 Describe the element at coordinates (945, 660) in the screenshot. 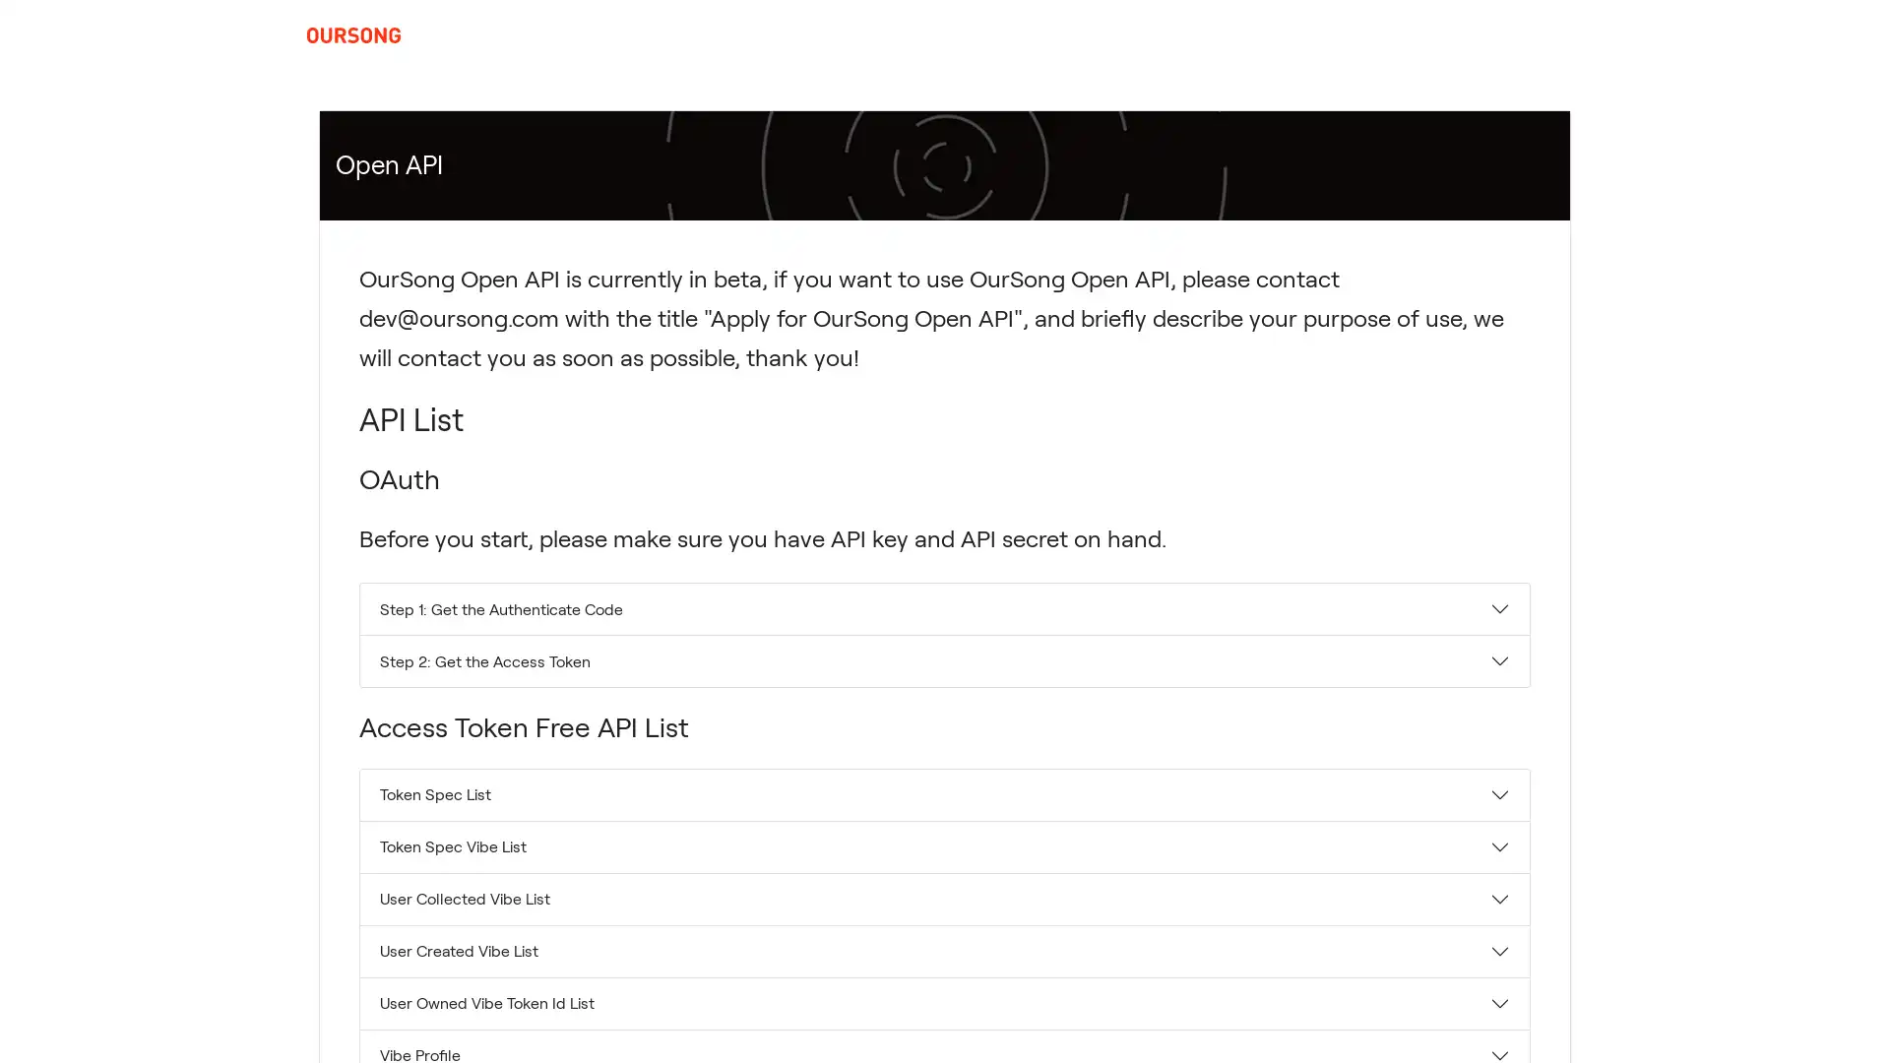

I see `Step 2: Get the Access Token` at that location.